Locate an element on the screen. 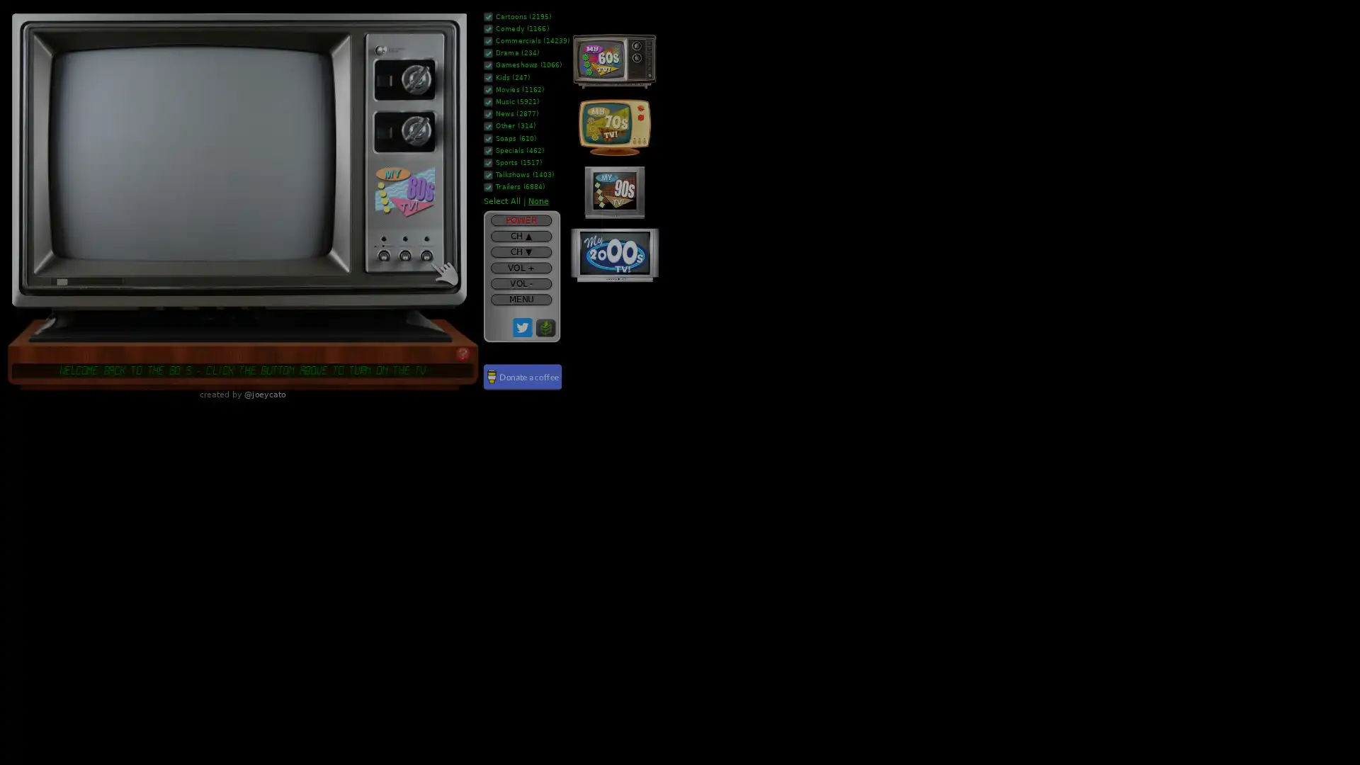  POWER is located at coordinates (520, 220).